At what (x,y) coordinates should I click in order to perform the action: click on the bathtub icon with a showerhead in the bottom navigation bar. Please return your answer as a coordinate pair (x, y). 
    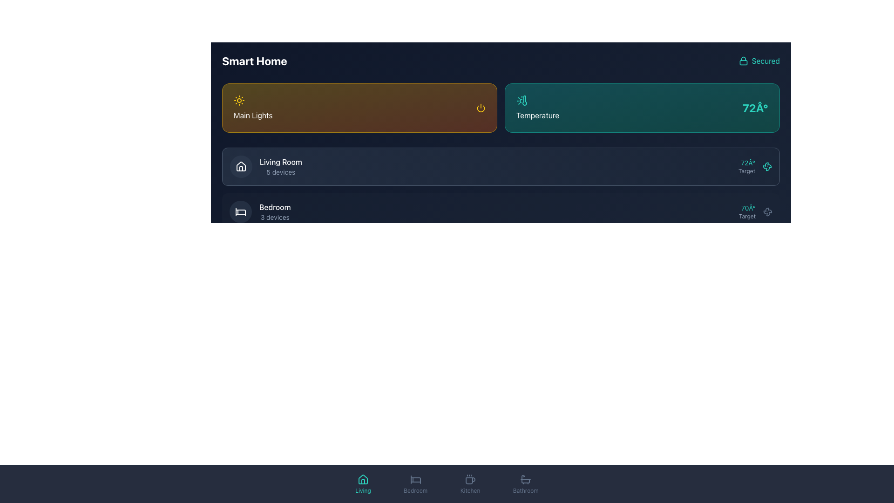
    Looking at the image, I should click on (526, 479).